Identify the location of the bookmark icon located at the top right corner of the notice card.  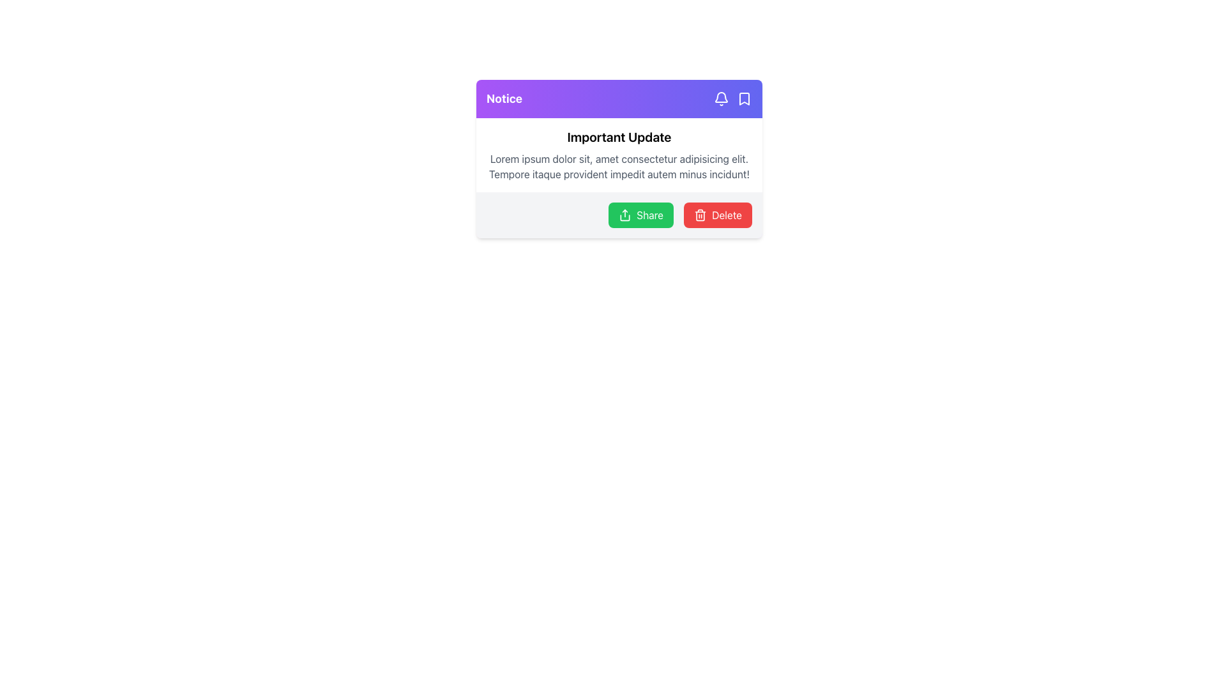
(745, 98).